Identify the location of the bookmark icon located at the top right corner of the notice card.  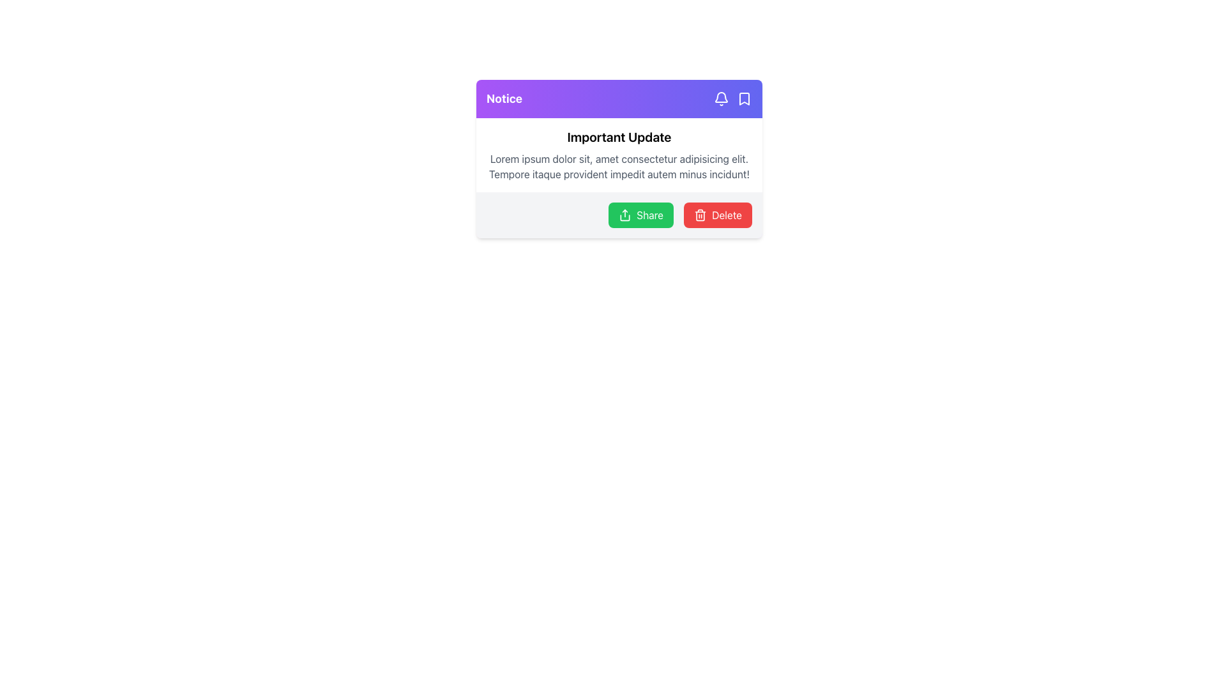
(745, 98).